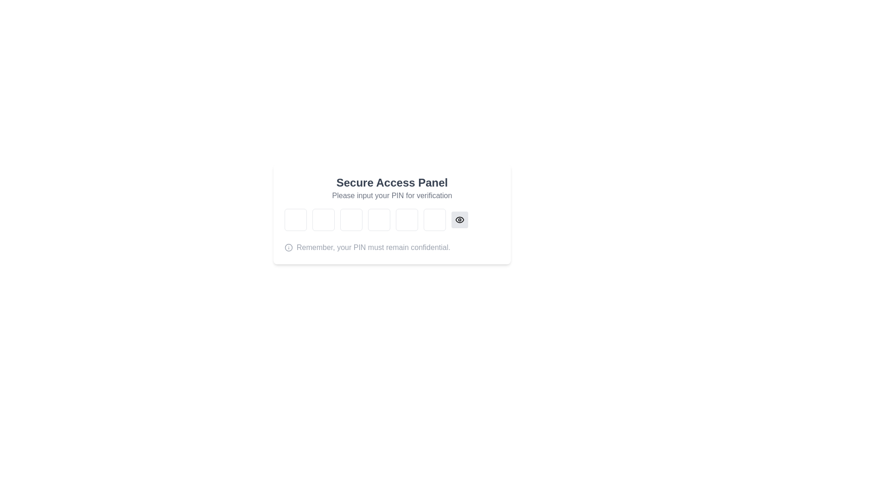  I want to click on the interactive button located to the far-right of the series of six input boxes, so click(460, 219).